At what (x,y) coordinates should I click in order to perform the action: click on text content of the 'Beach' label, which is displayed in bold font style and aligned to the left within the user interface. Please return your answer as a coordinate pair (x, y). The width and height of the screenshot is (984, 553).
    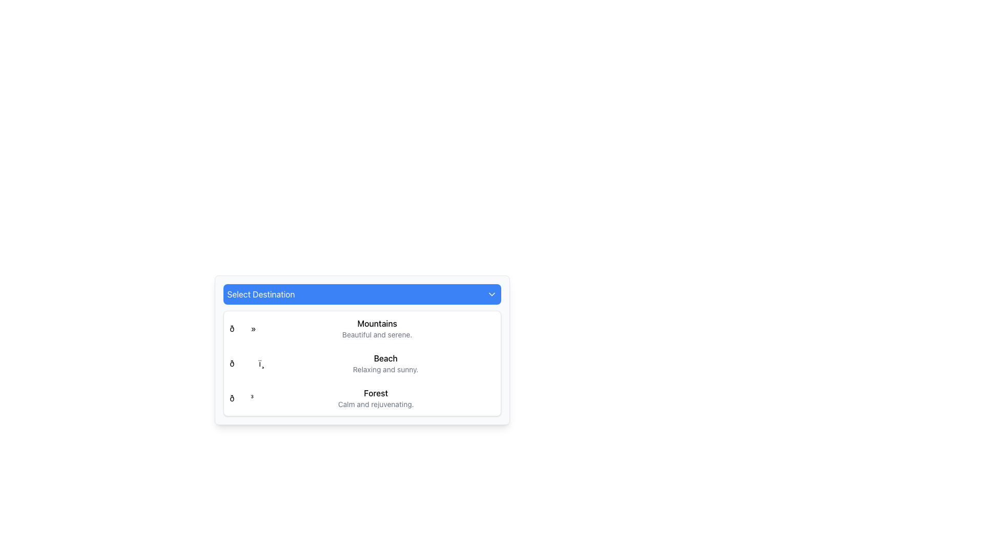
    Looking at the image, I should click on (385, 357).